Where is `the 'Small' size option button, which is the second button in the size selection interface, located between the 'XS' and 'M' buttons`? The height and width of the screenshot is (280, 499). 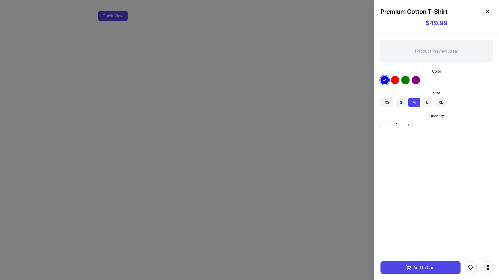
the 'Small' size option button, which is the second button in the size selection interface, located between the 'XS' and 'M' buttons is located at coordinates (400, 102).